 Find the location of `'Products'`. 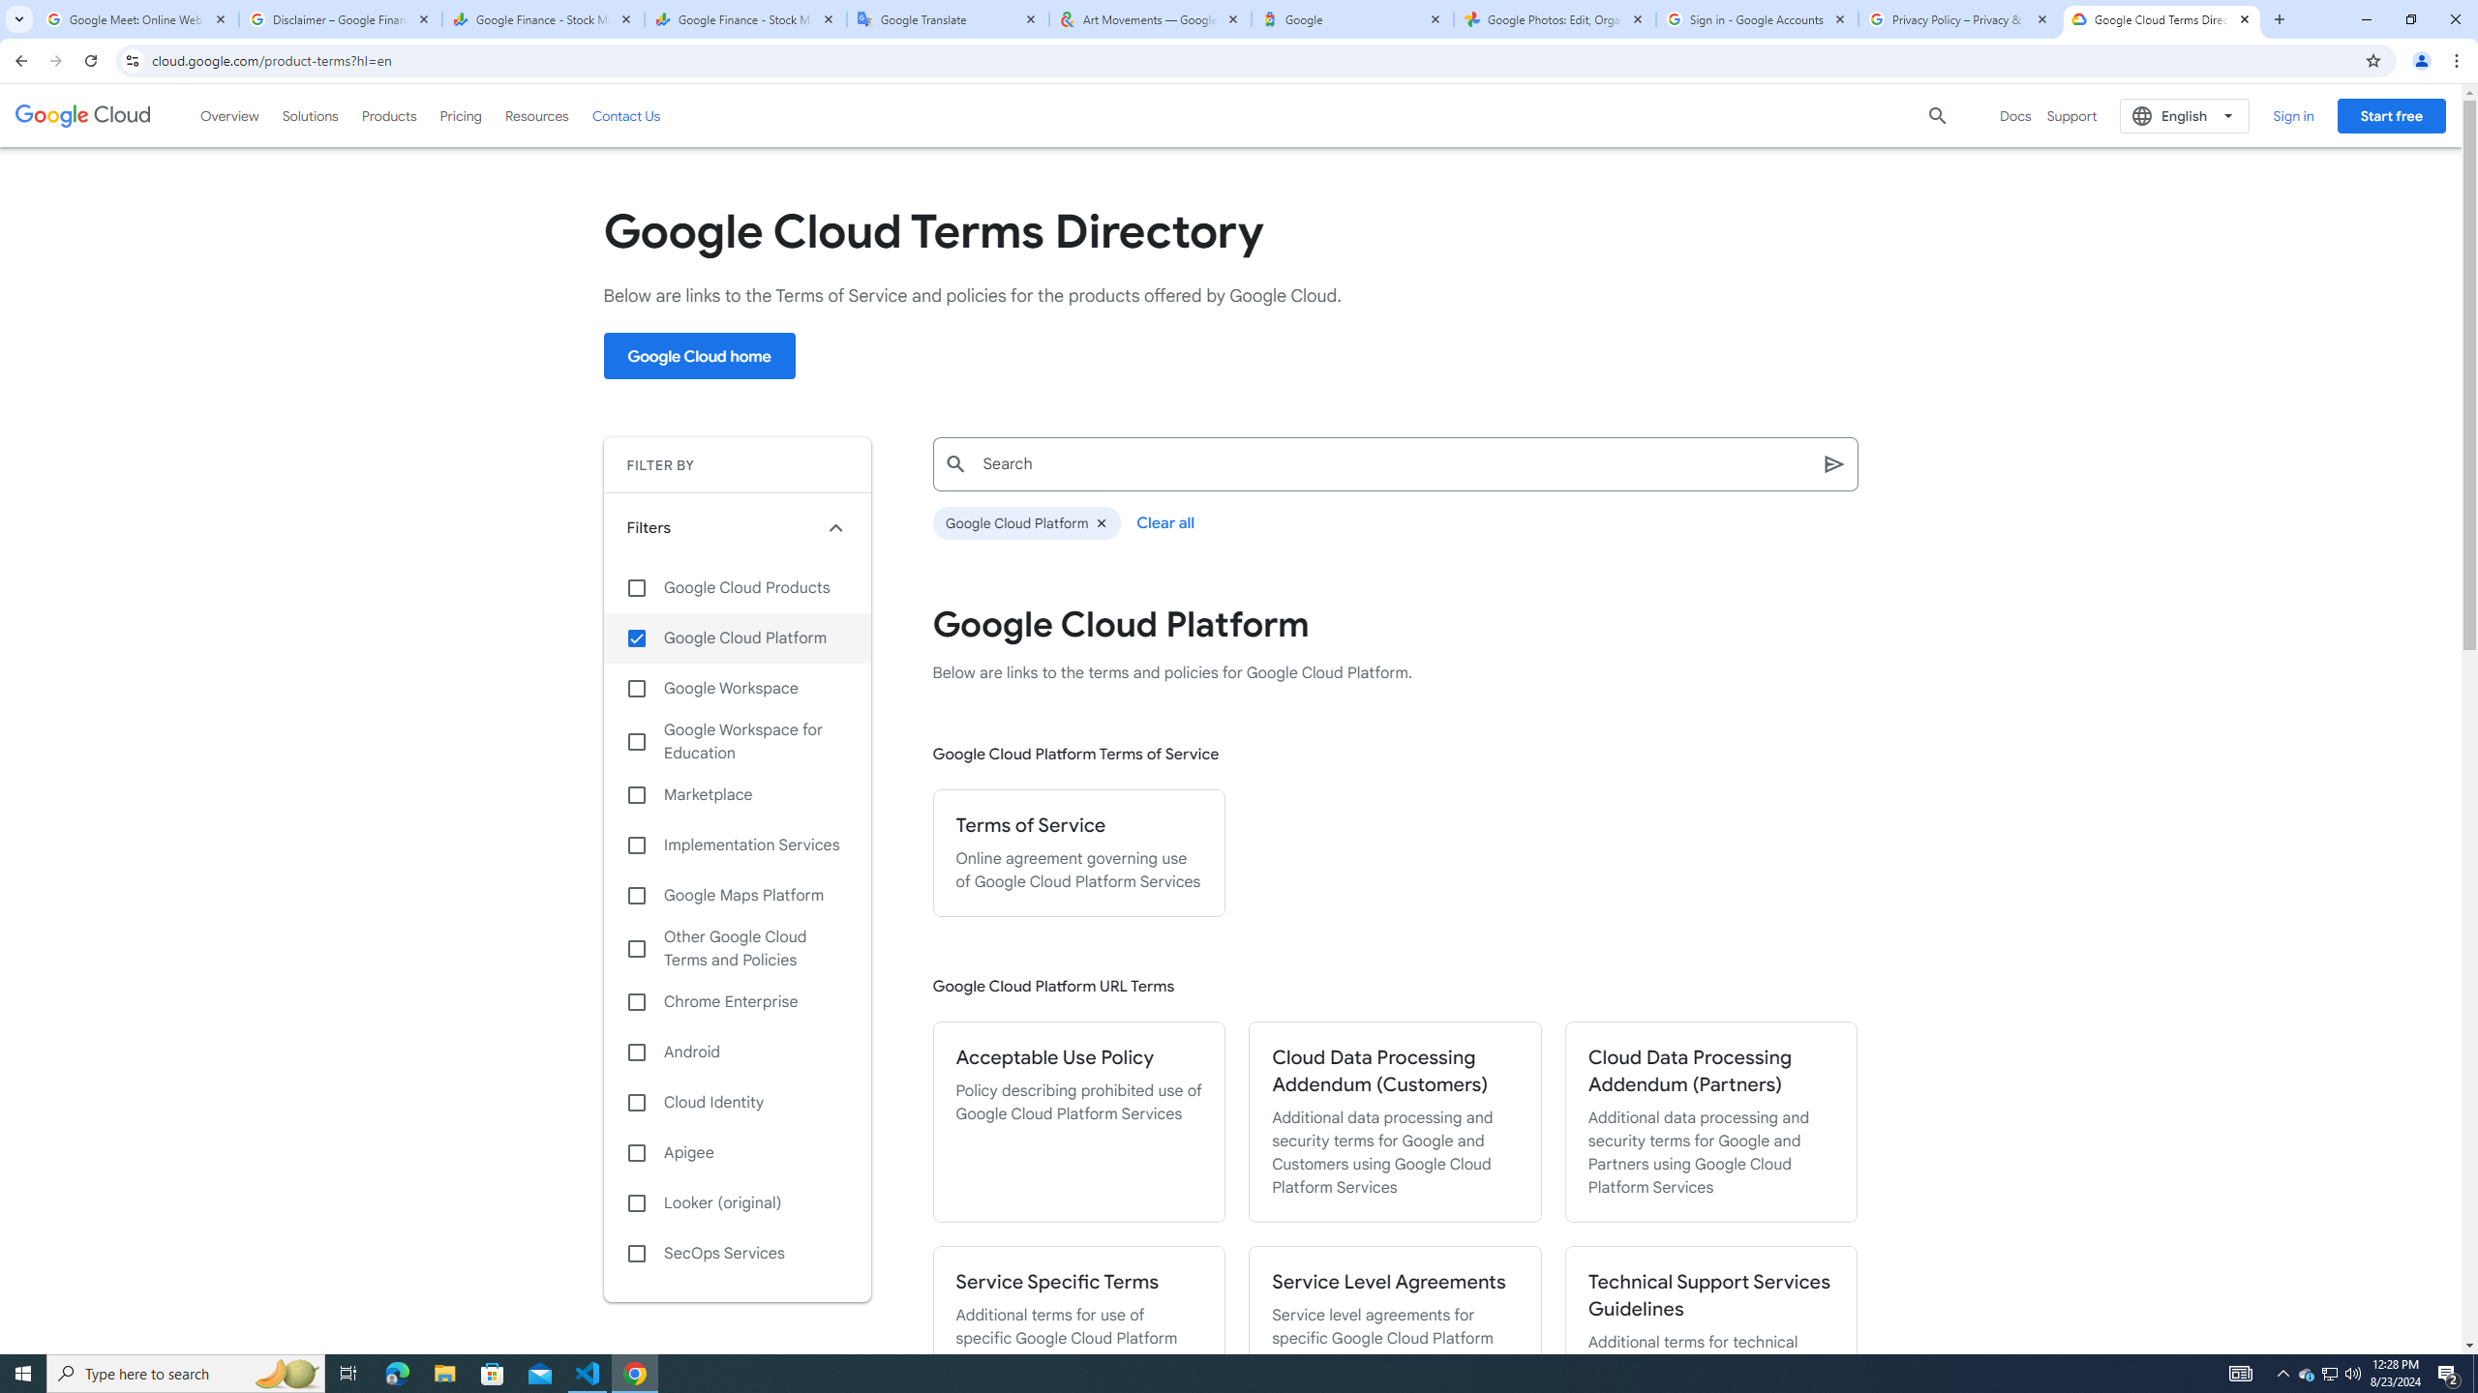

'Products' is located at coordinates (387, 114).